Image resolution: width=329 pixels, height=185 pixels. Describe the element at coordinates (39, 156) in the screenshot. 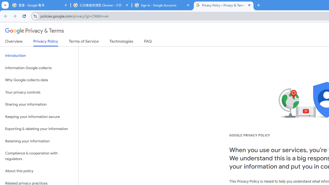

I see `'Compliance & cooperation with regulators'` at that location.